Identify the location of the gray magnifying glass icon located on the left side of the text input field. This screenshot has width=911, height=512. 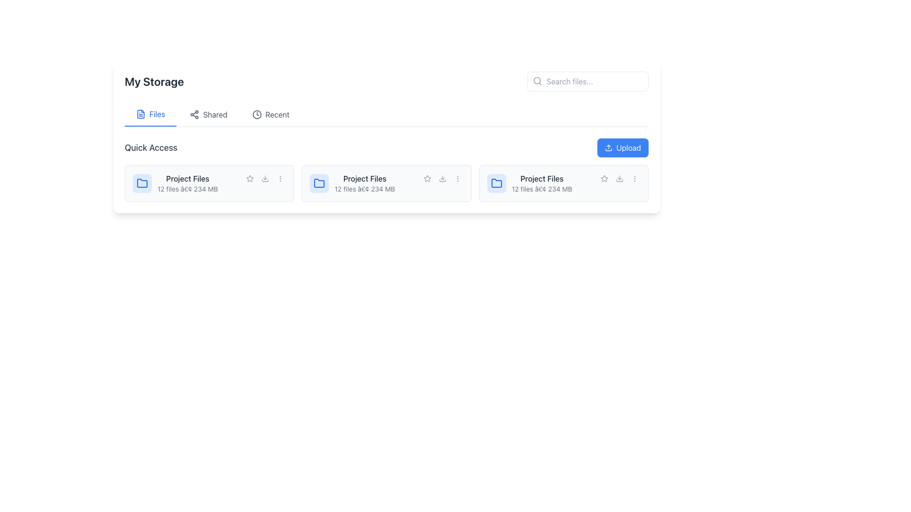
(537, 80).